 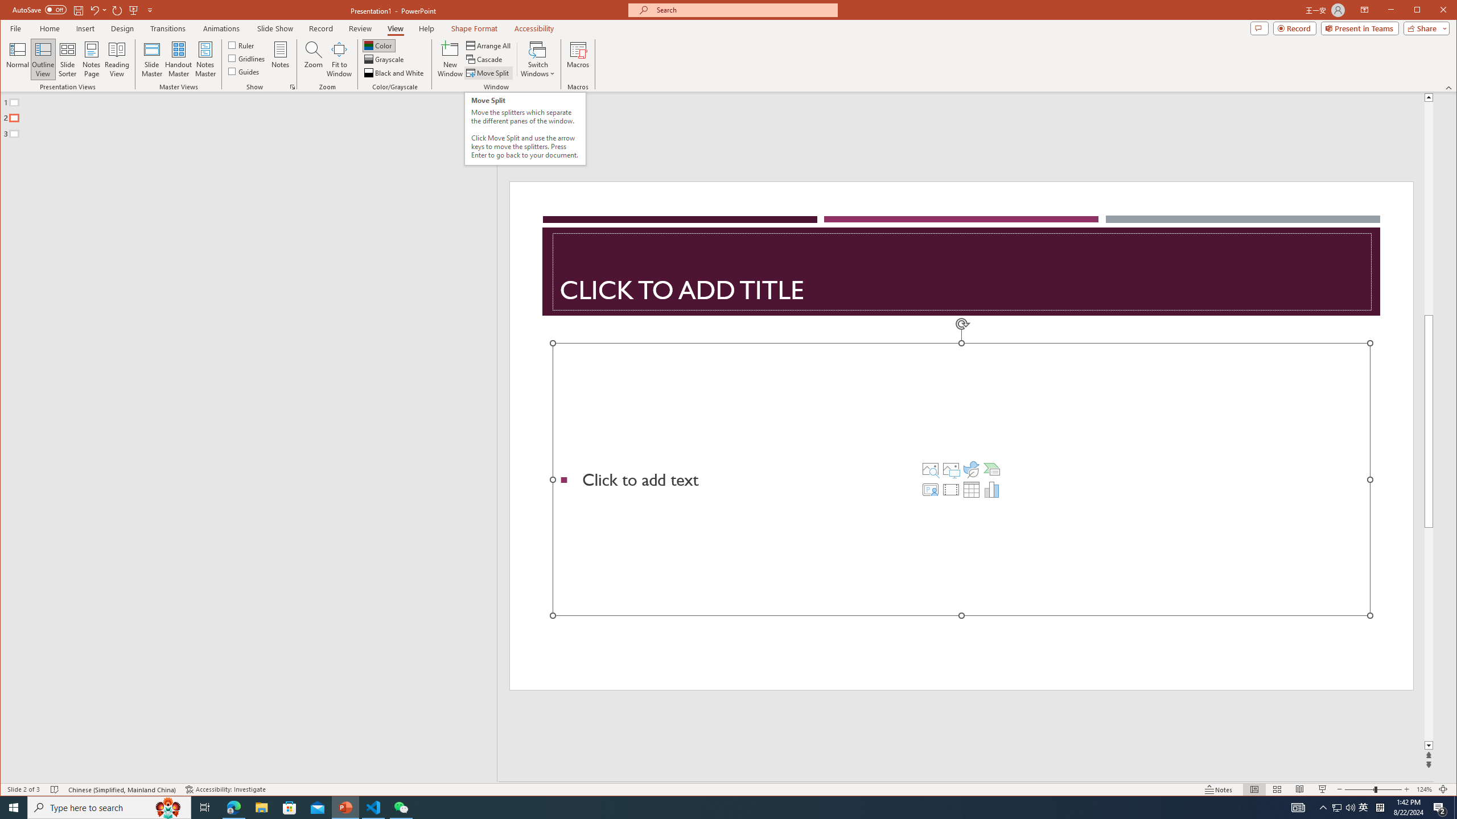 I want to click on 'Insert Table', so click(x=972, y=490).